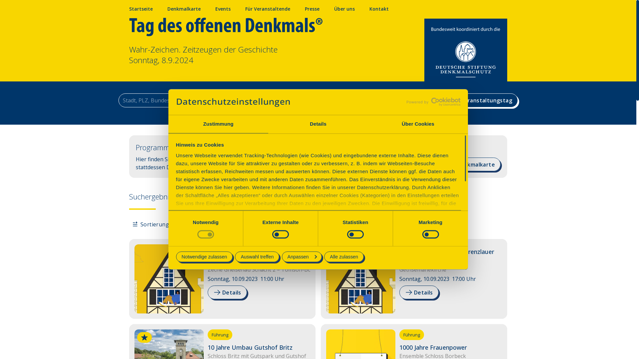  What do you see at coordinates (204, 256) in the screenshot?
I see `'Notwendige zulassen'` at bounding box center [204, 256].